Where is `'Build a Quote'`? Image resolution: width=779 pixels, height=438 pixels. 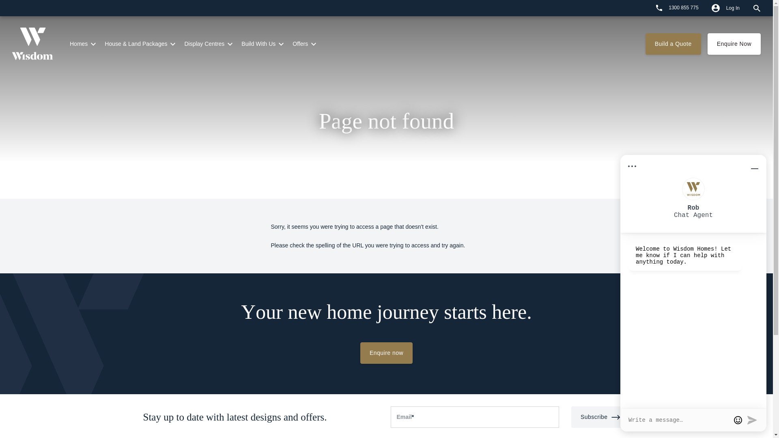
'Build a Quote' is located at coordinates (673, 44).